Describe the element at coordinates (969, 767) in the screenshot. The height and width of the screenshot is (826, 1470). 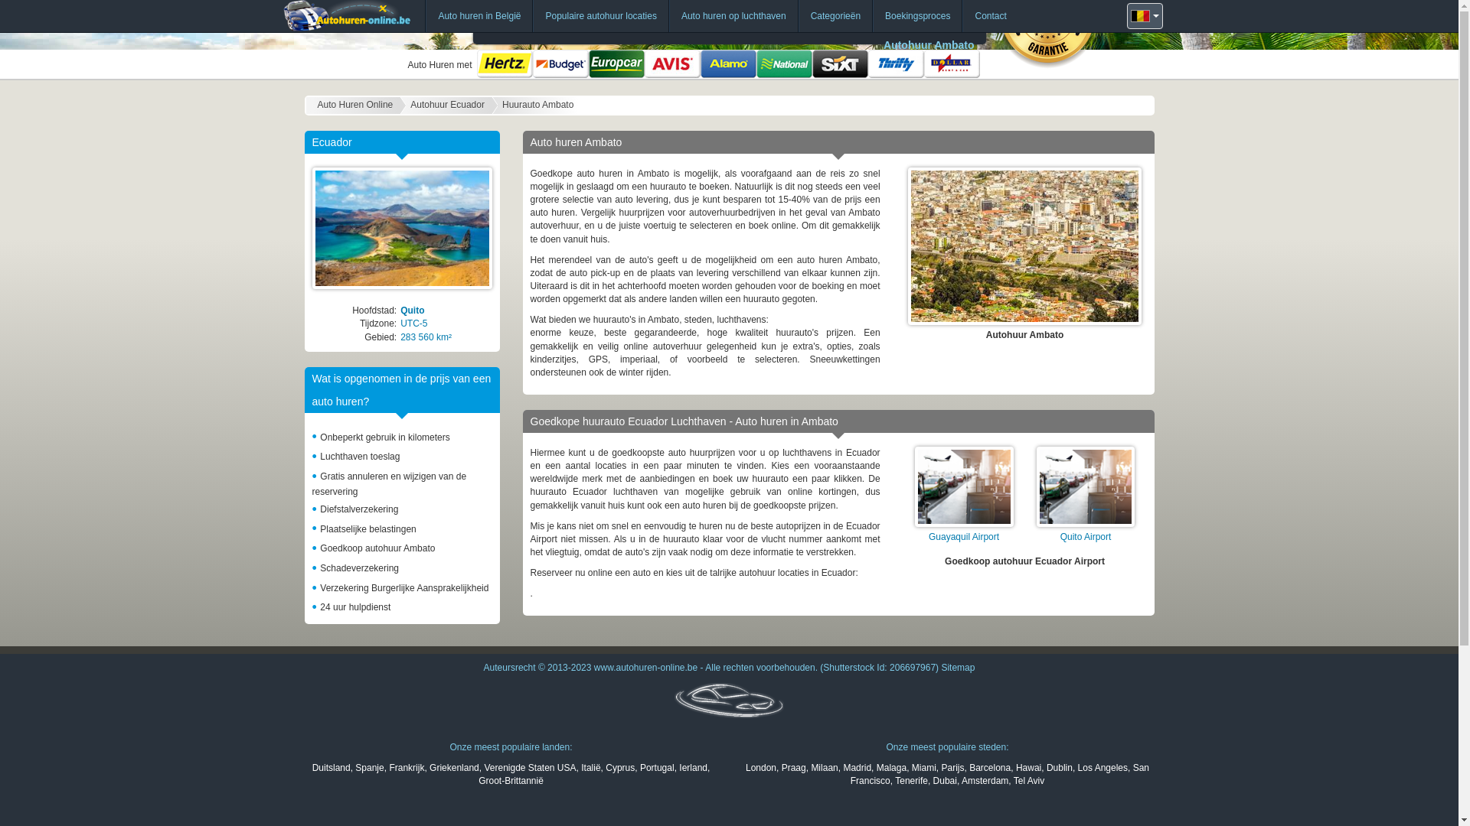
I see `'Barcelona'` at that location.